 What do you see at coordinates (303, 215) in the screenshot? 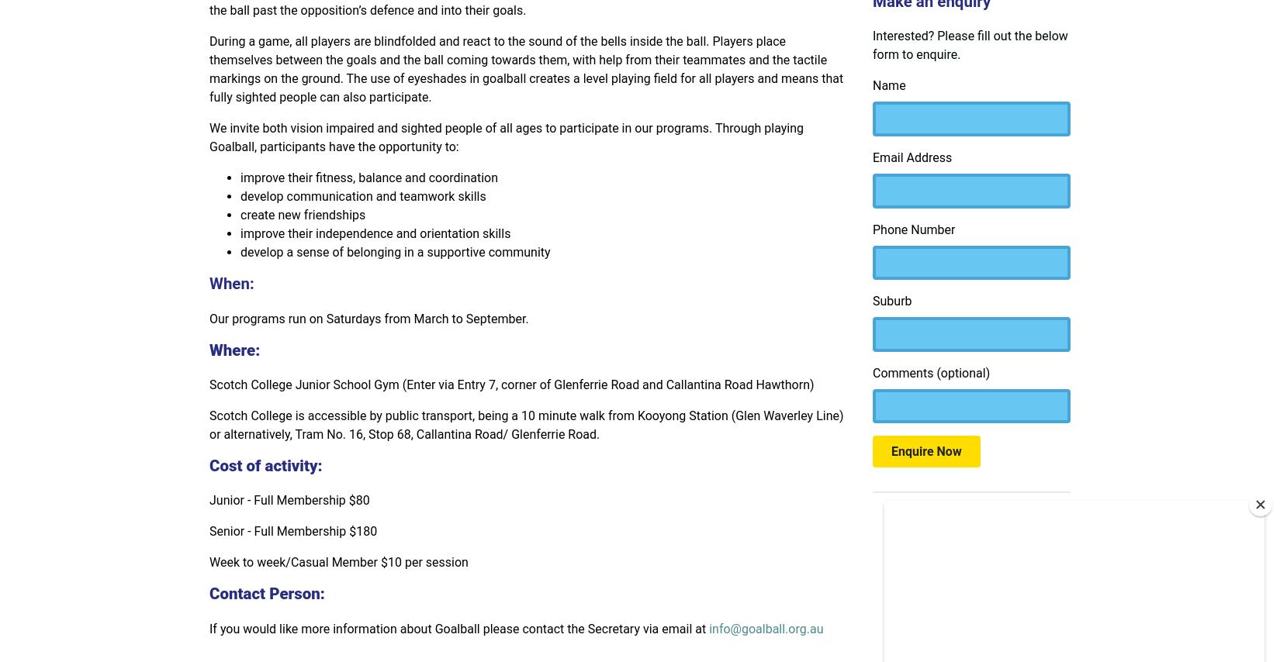
I see `'create new friendships'` at bounding box center [303, 215].